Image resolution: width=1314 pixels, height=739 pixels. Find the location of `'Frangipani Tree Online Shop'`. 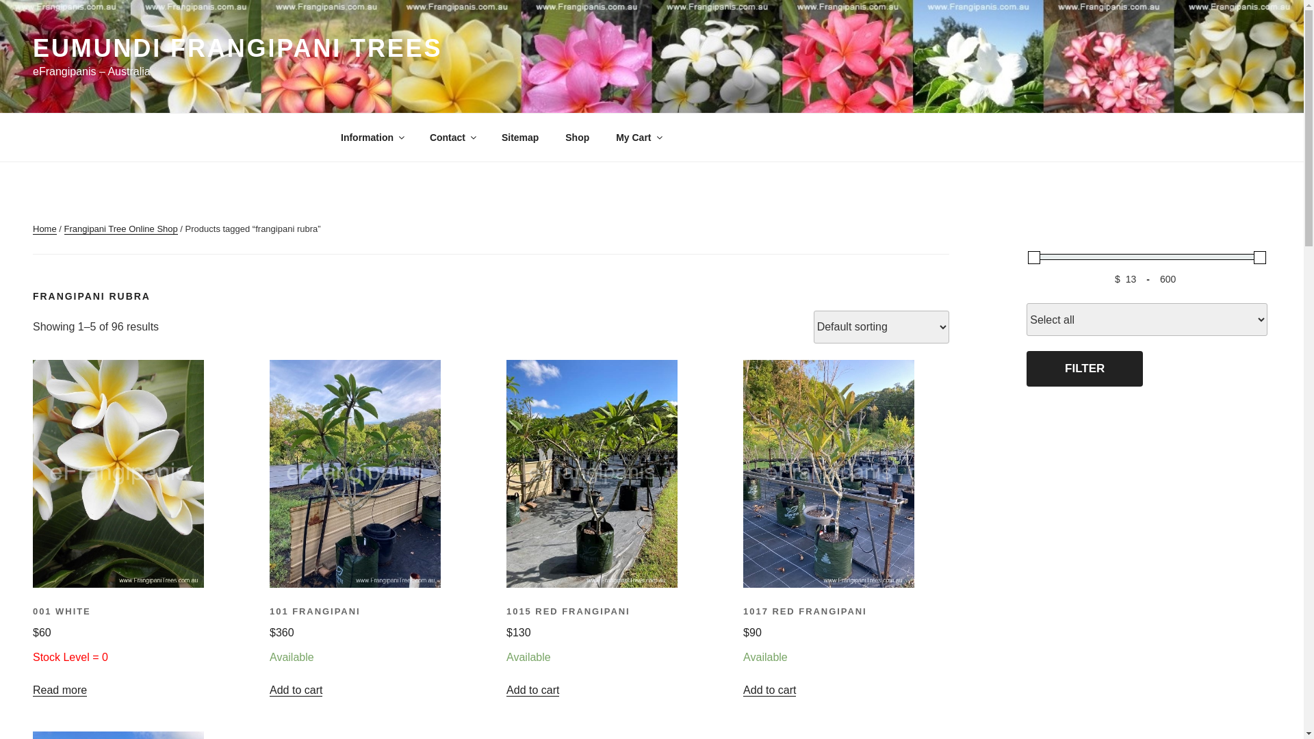

'Frangipani Tree Online Shop' is located at coordinates (64, 228).